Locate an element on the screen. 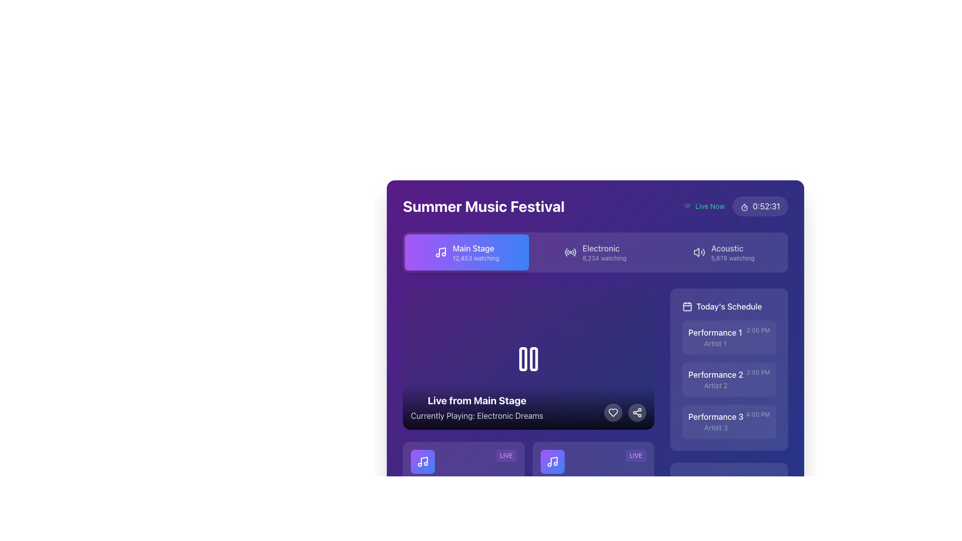  the calendar icon that indicates the context of the 'Today's Schedule' section is located at coordinates (687, 306).